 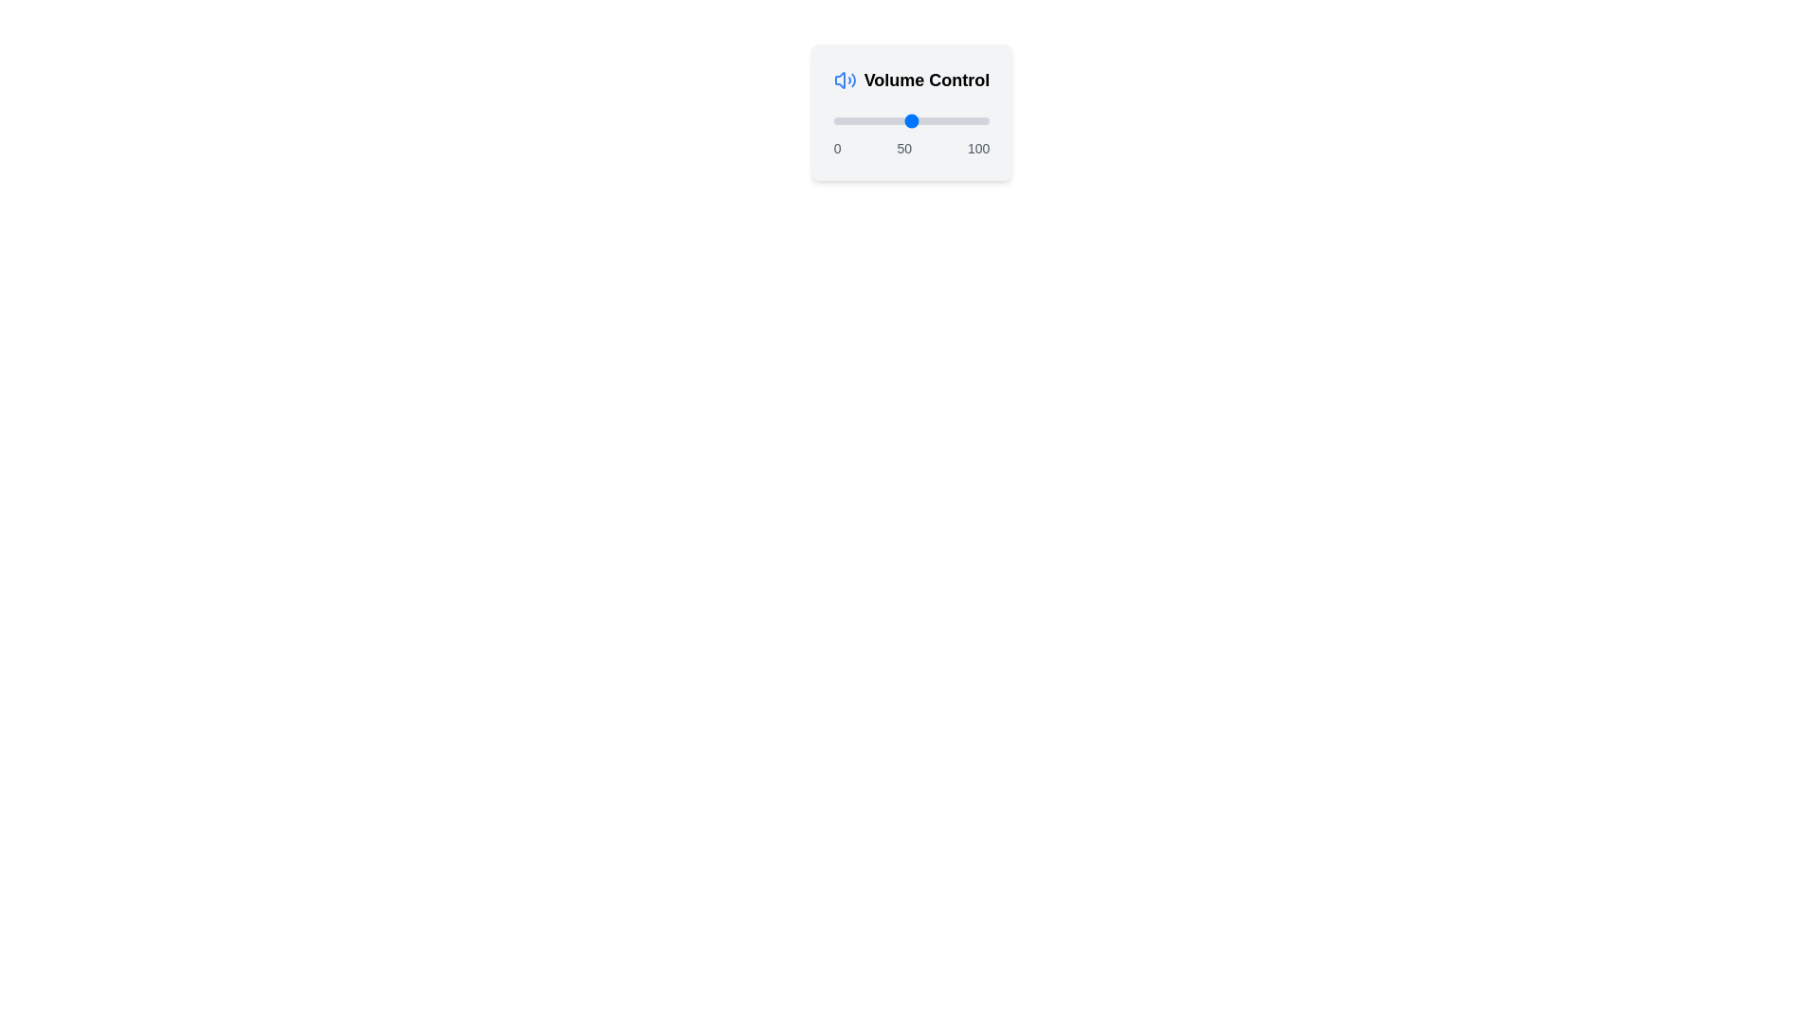 I want to click on the blue speaker icon with sound waves located to the left of the 'Volume Control' text, so click(x=844, y=79).